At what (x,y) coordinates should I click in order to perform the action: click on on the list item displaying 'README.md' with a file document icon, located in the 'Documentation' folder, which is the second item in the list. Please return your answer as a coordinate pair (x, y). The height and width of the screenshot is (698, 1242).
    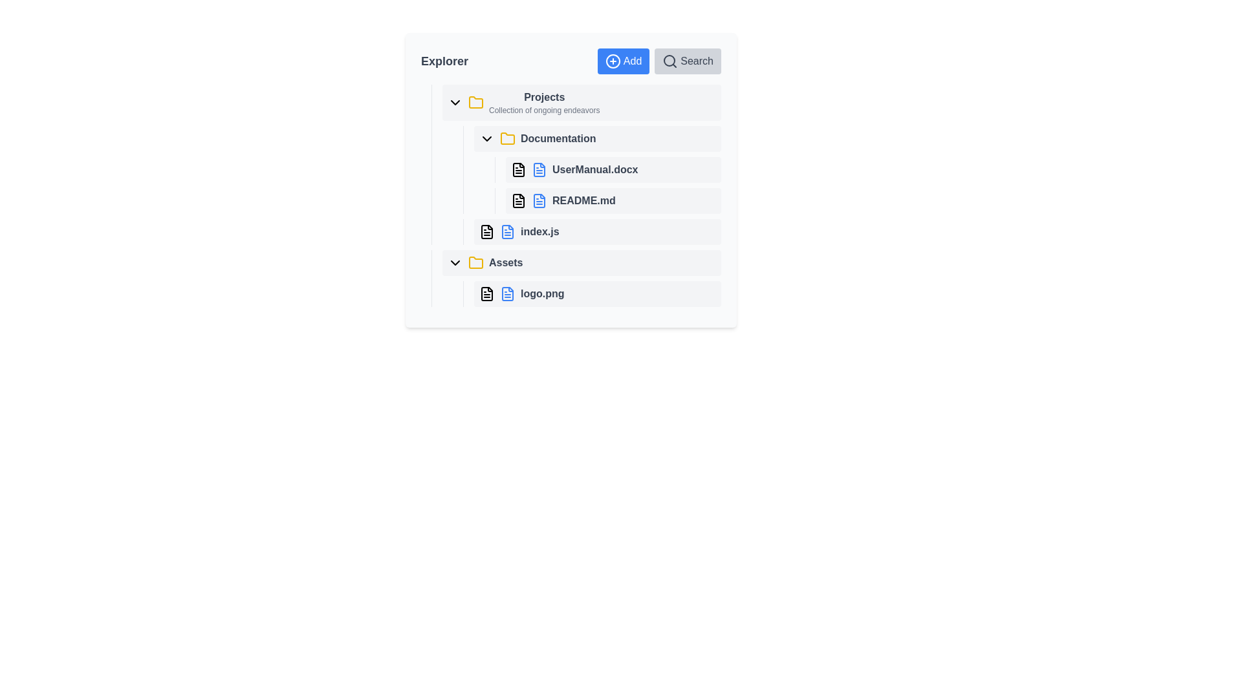
    Looking at the image, I should click on (607, 201).